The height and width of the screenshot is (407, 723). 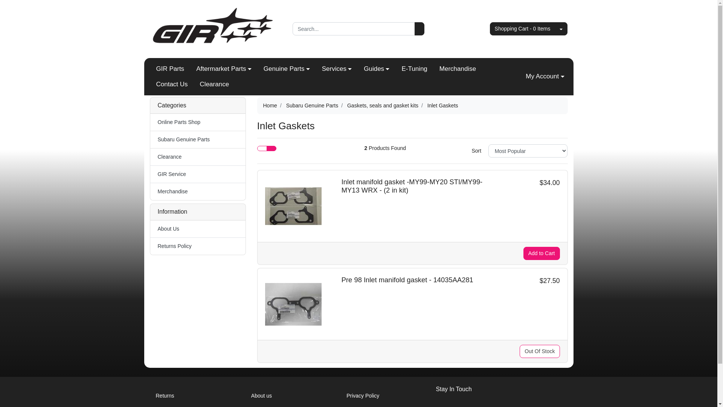 What do you see at coordinates (171, 84) in the screenshot?
I see `'Contact Us'` at bounding box center [171, 84].